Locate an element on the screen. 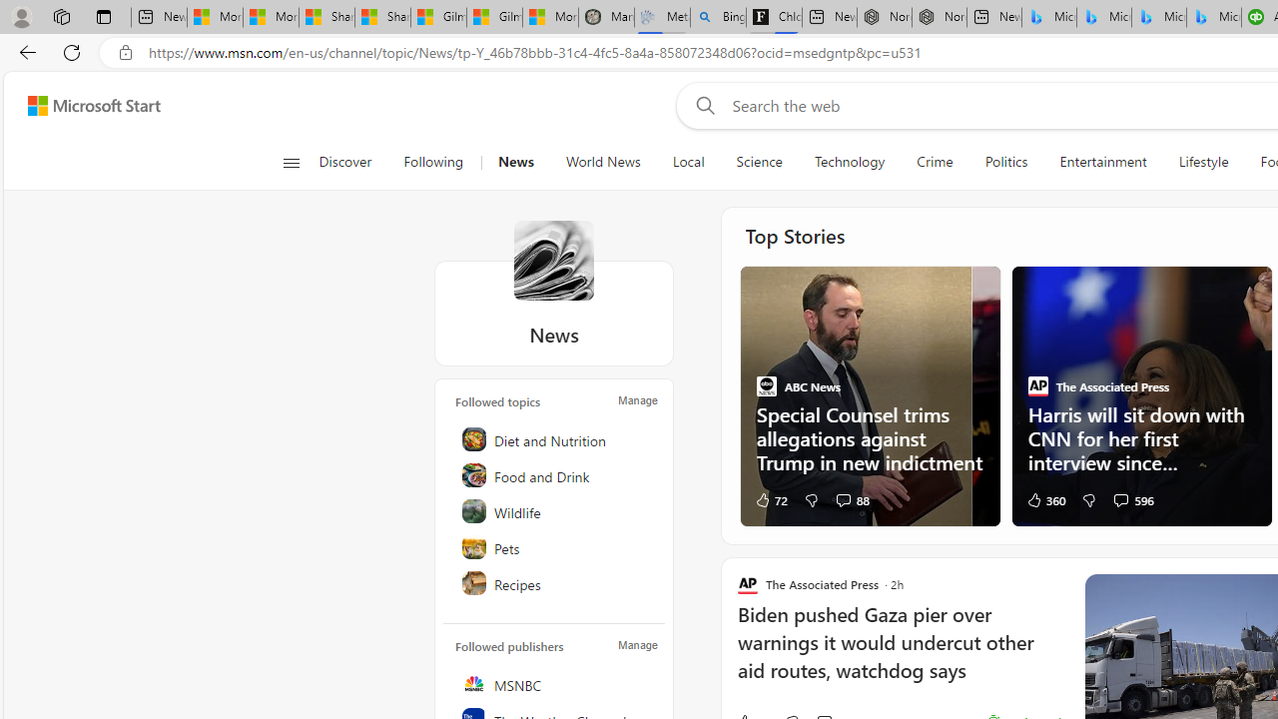 This screenshot has height=719, width=1278. 'World News' is located at coordinates (602, 162).